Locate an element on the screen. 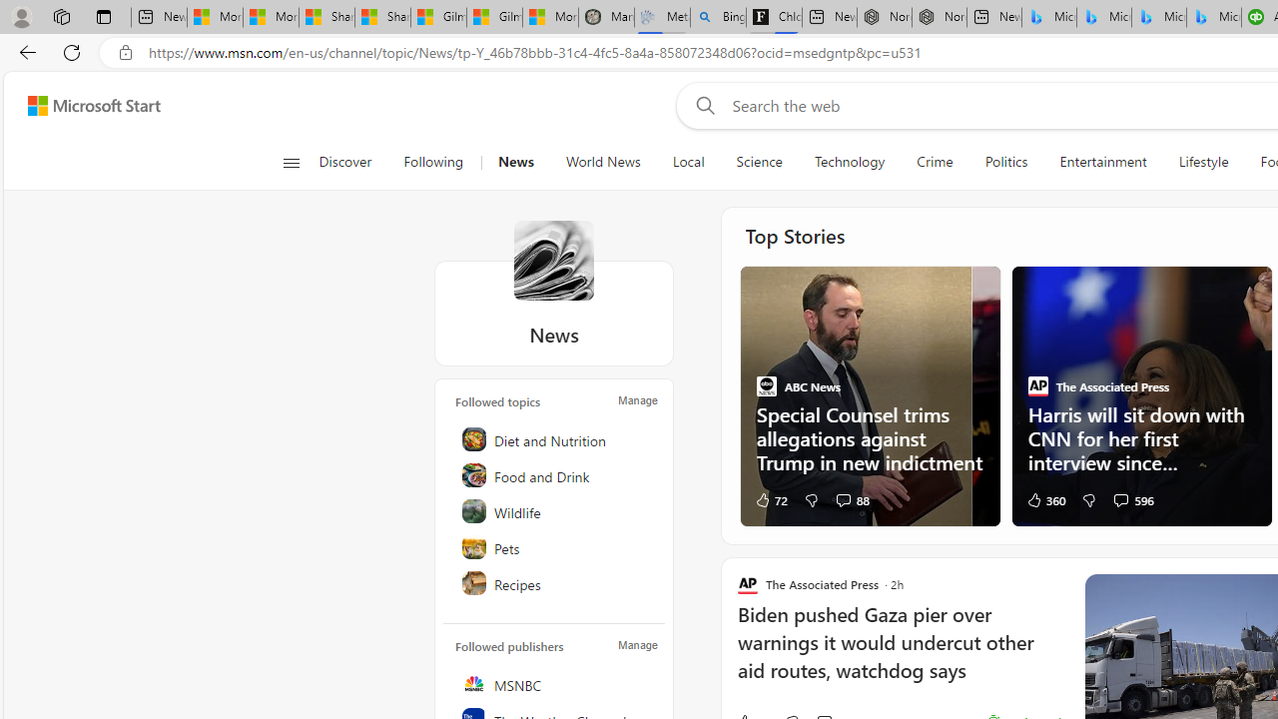 This screenshot has height=719, width=1278. 'World News' is located at coordinates (602, 162).